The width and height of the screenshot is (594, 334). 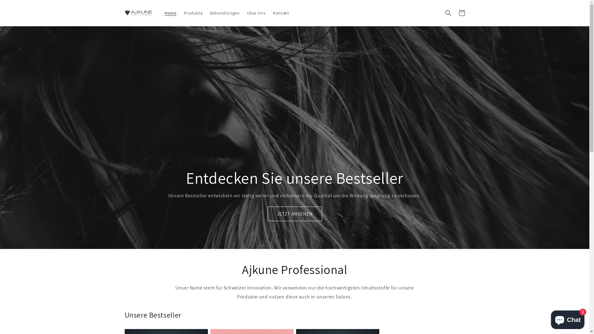 I want to click on 'Onlineshop-Chat von Shopify', so click(x=567, y=318).